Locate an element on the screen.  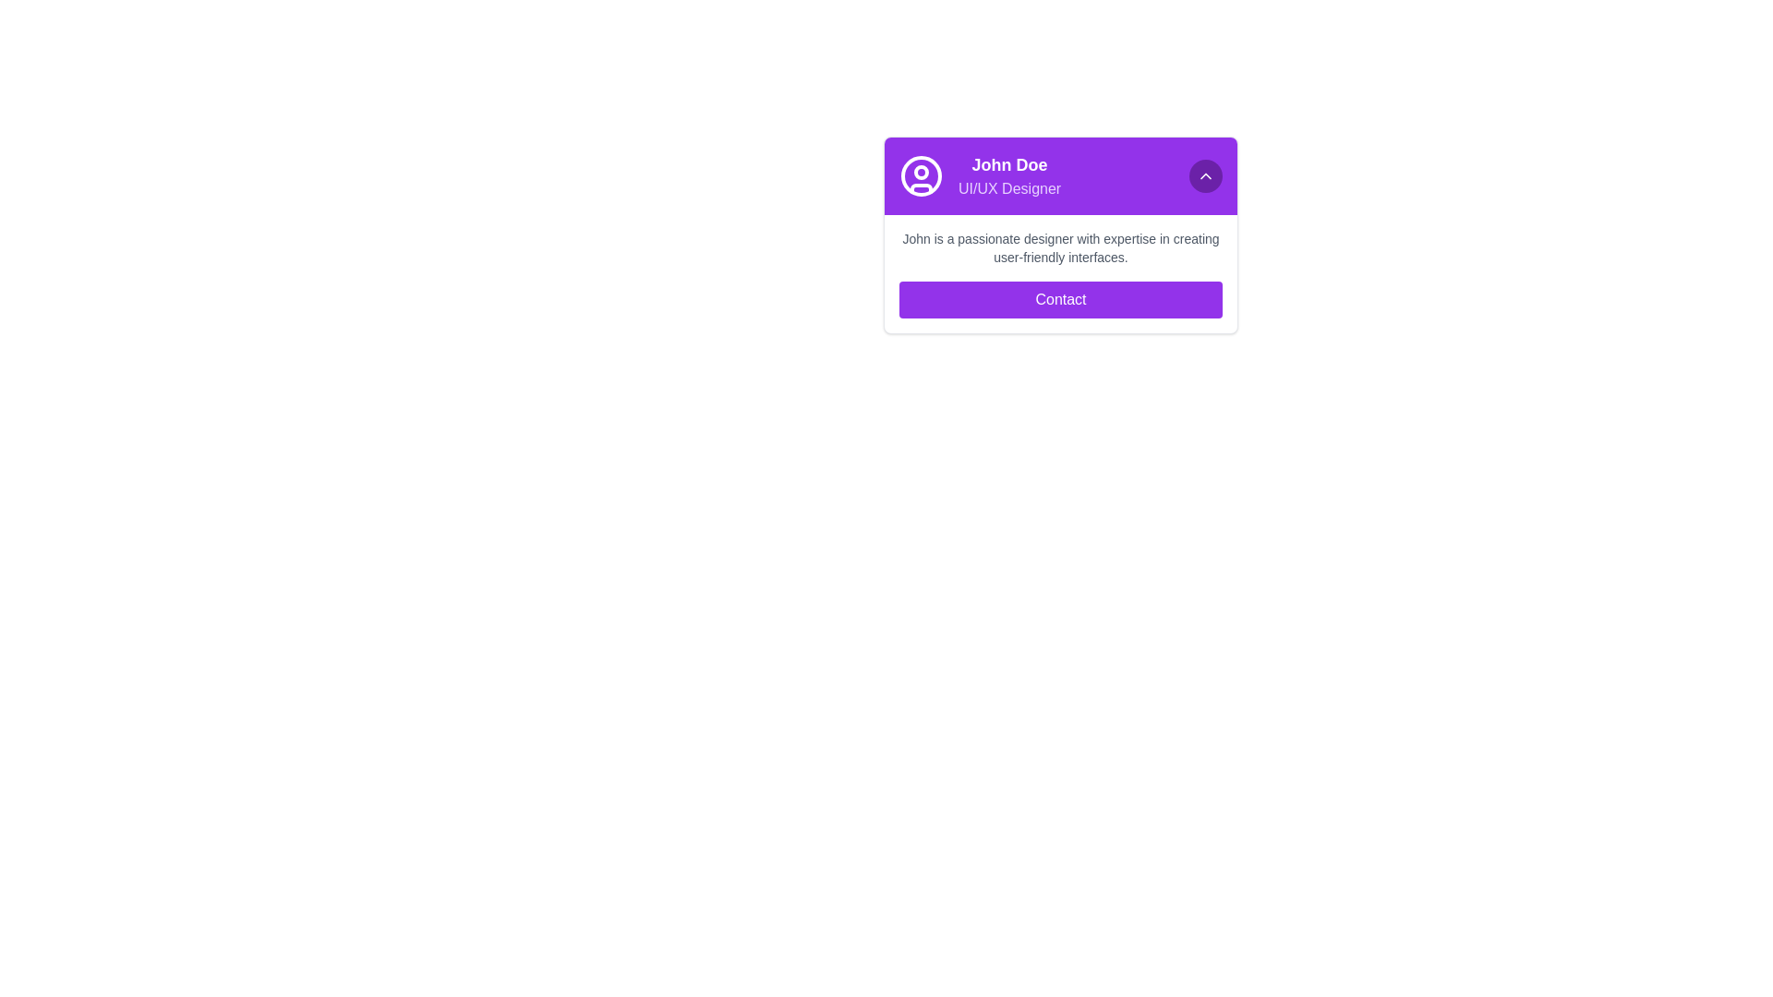
the upward-pointing chevron icon styled in white within a rounded purple background located at the top-right corner of the main purple header section of the card, adjacent to the user profile section is located at coordinates (1205, 176).